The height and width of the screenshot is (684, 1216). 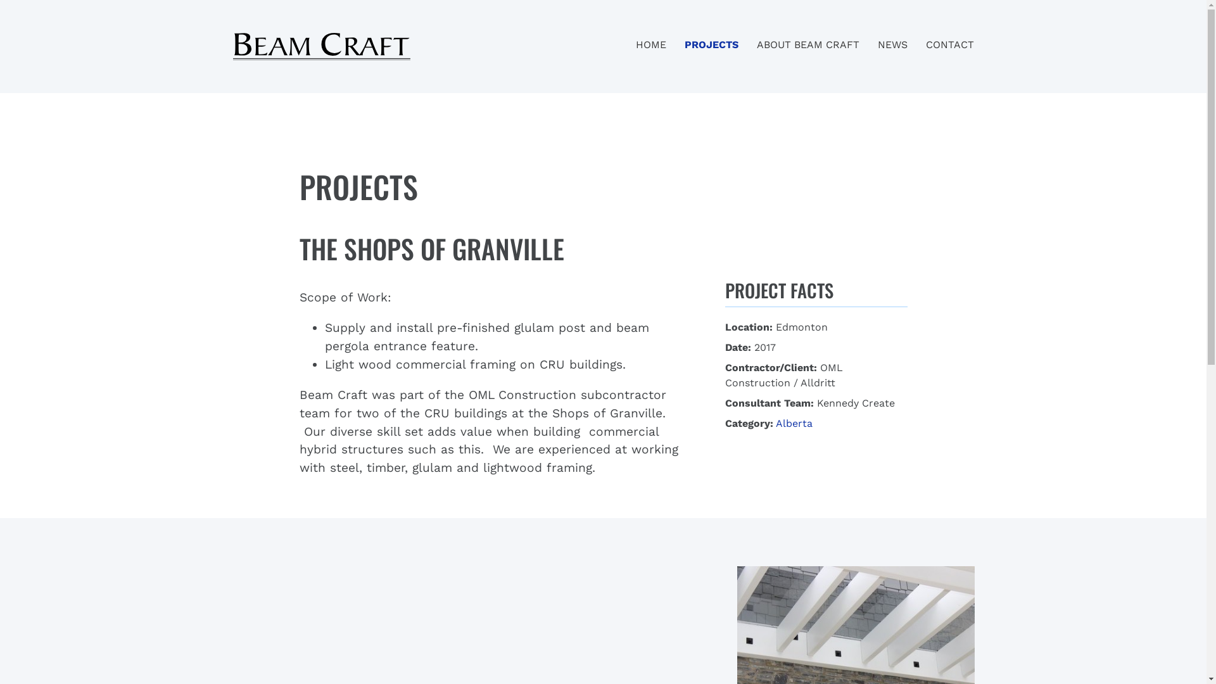 I want to click on 'NEWS', so click(x=892, y=44).